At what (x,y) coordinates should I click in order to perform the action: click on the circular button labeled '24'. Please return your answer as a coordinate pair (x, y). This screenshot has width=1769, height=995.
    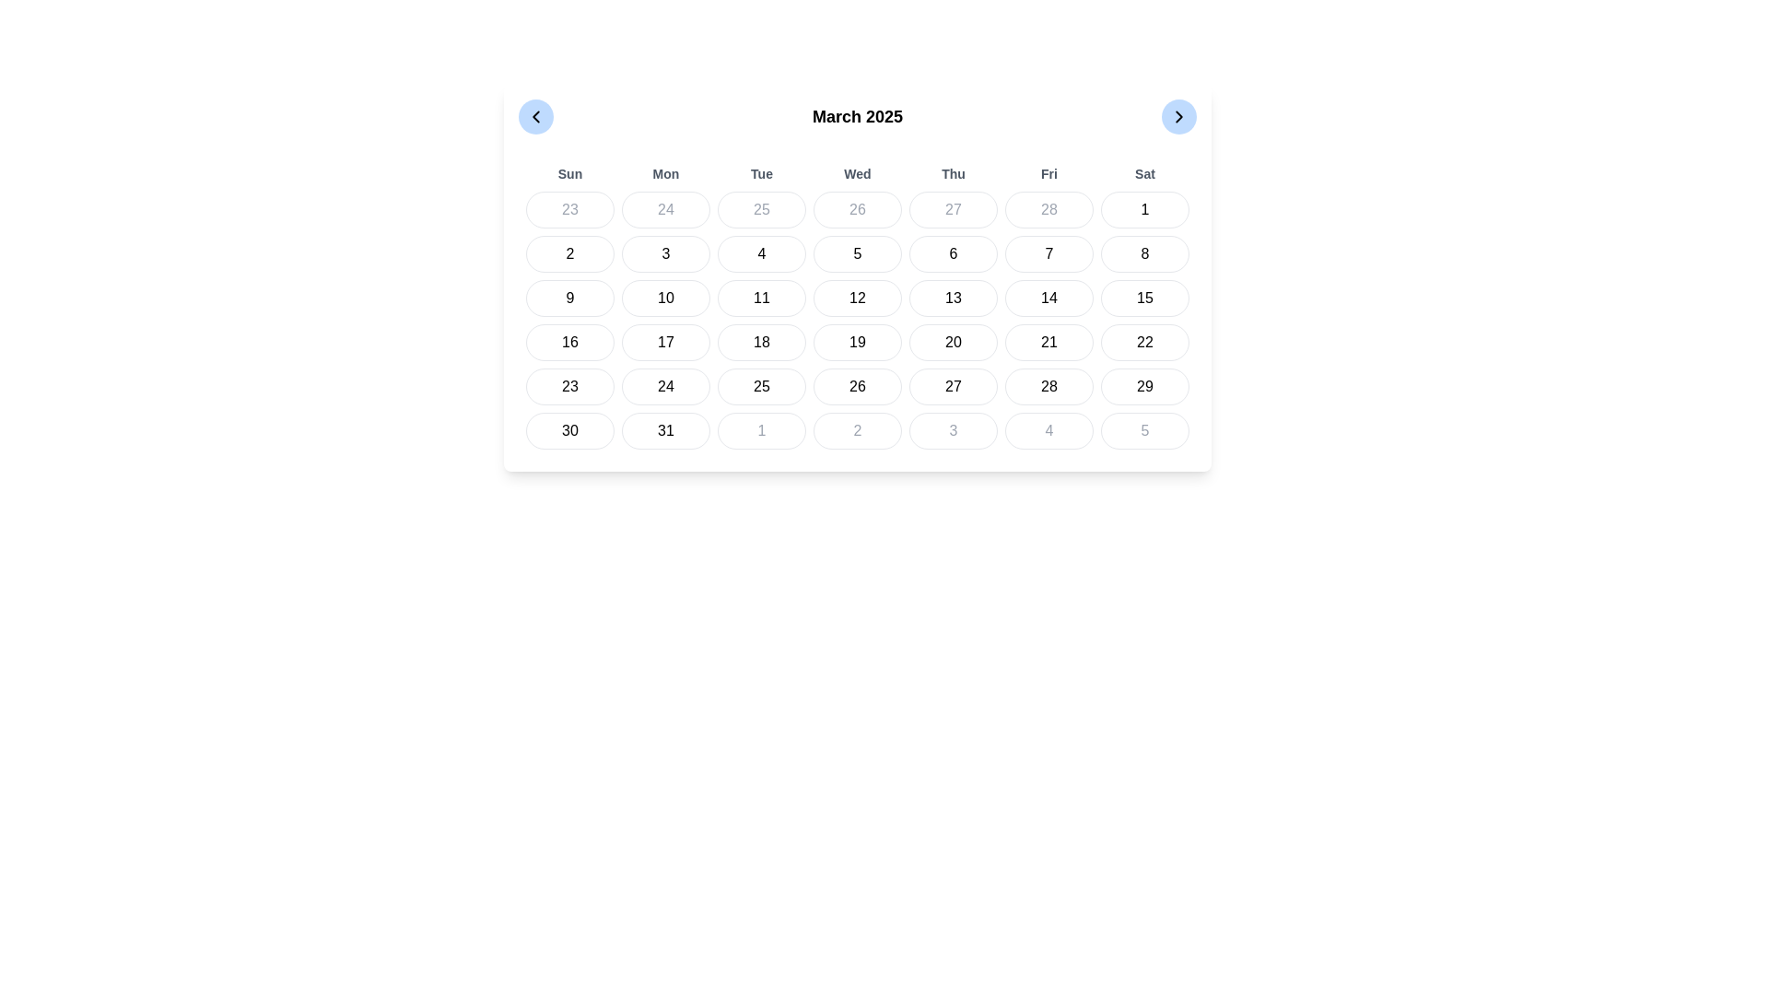
    Looking at the image, I should click on (665, 208).